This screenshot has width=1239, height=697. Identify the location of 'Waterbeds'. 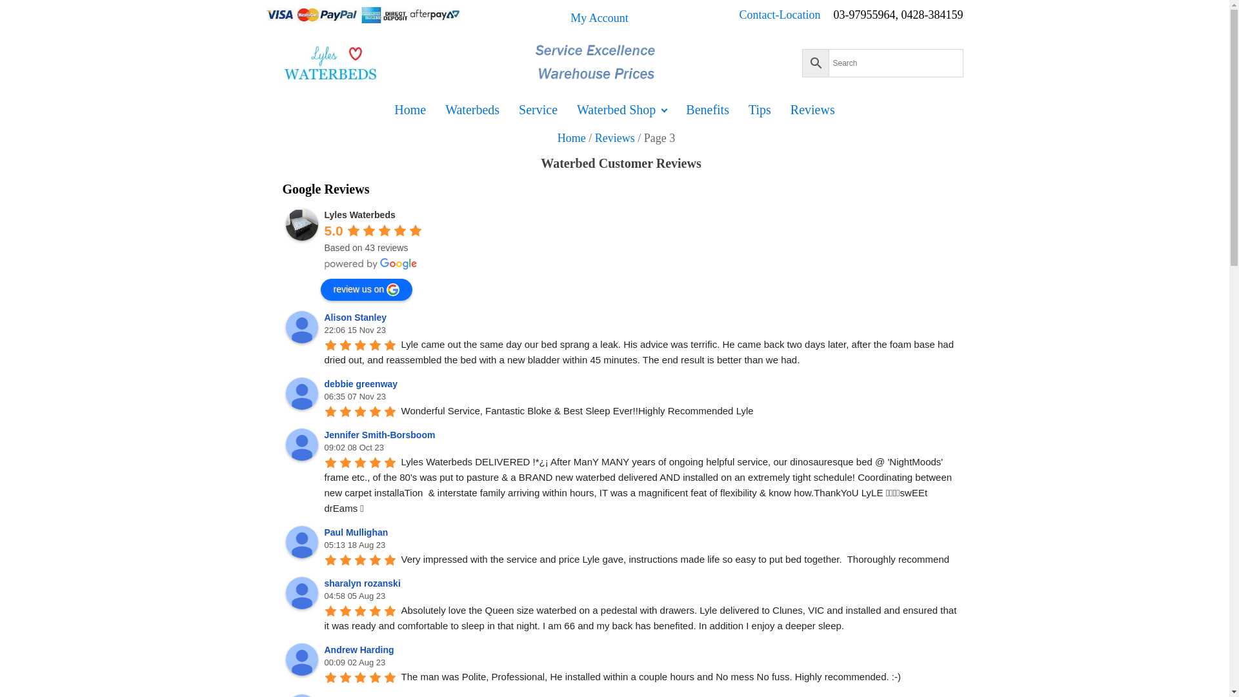
(471, 108).